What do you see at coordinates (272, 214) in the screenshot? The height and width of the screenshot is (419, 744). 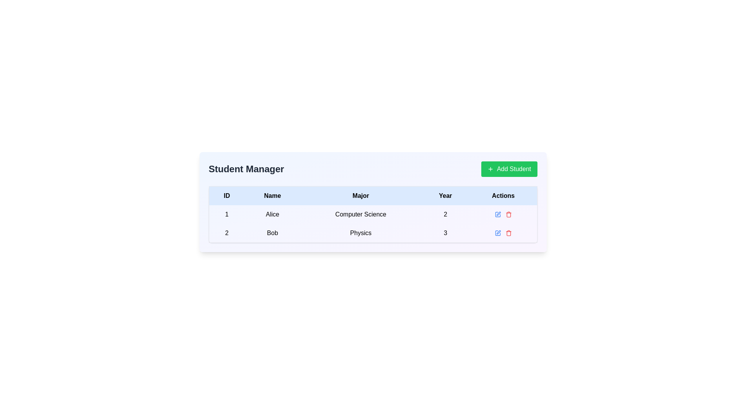 I see `the text display element that reads 'Alice', which is center-aligned and located in the first row, second cell under the 'Name' column in a table-like structure` at bounding box center [272, 214].